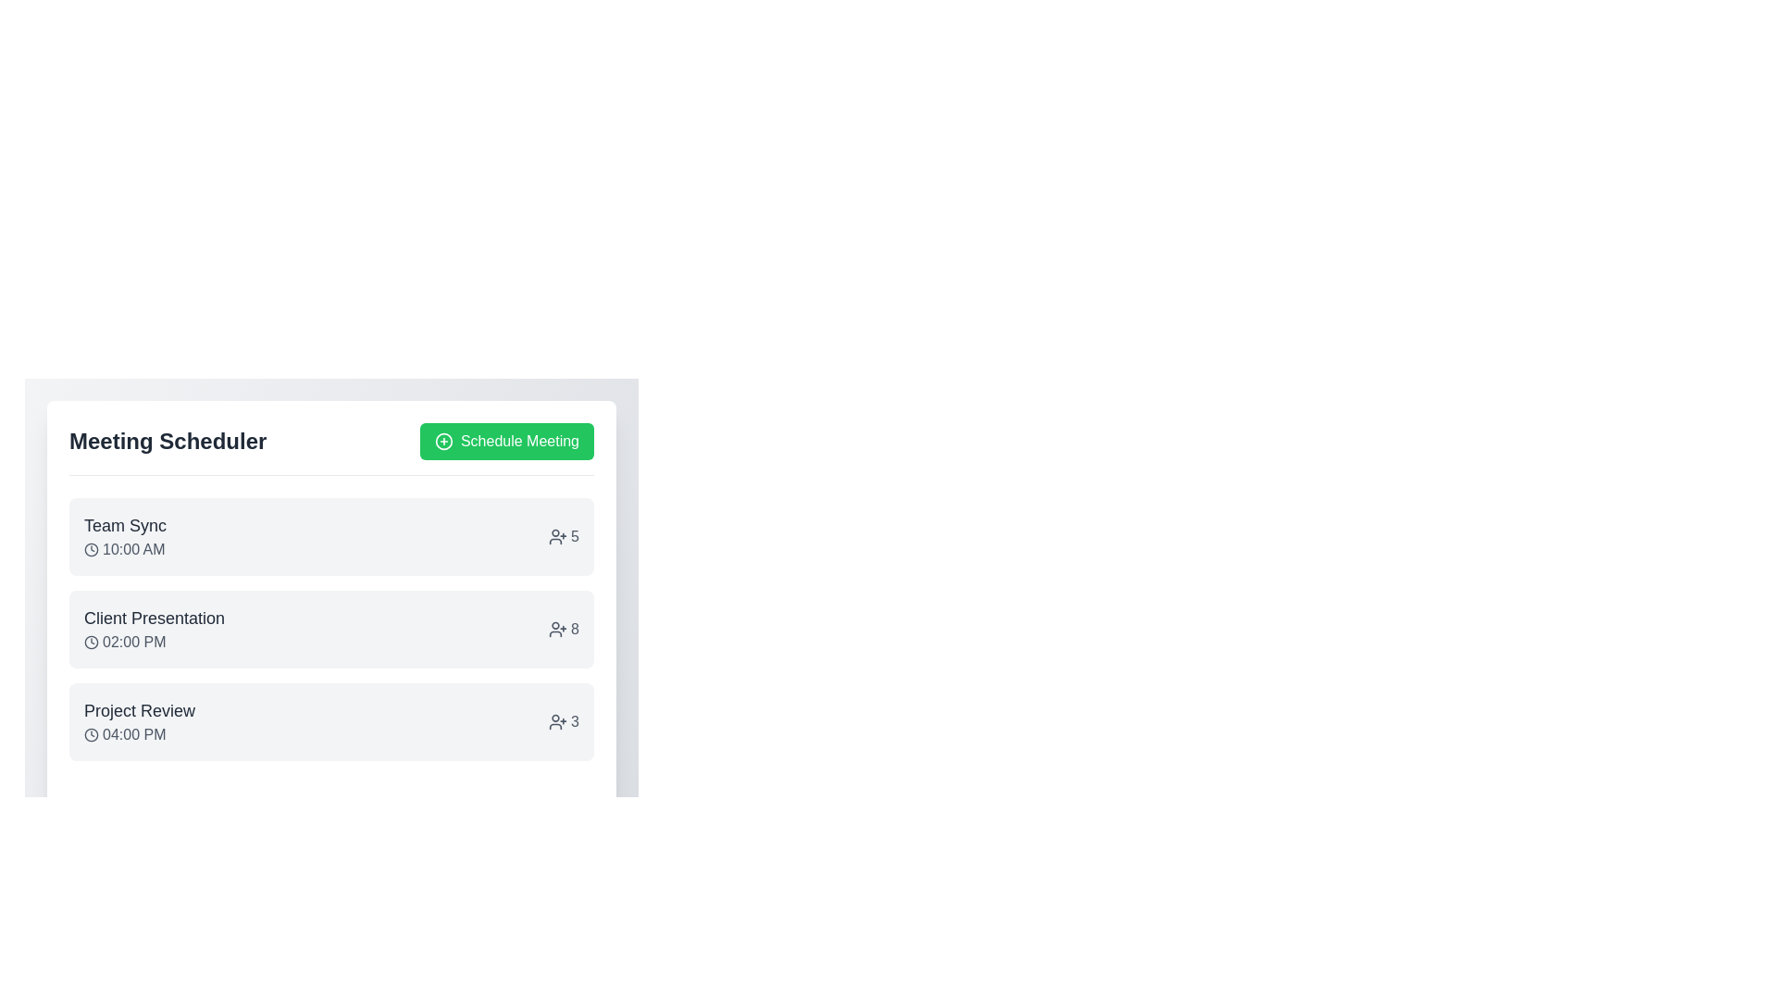  I want to click on the SVG icon with a circular outline and a plus symbol inside it, located on the left side of the green button labeled 'Schedule Meeting', so click(444, 442).